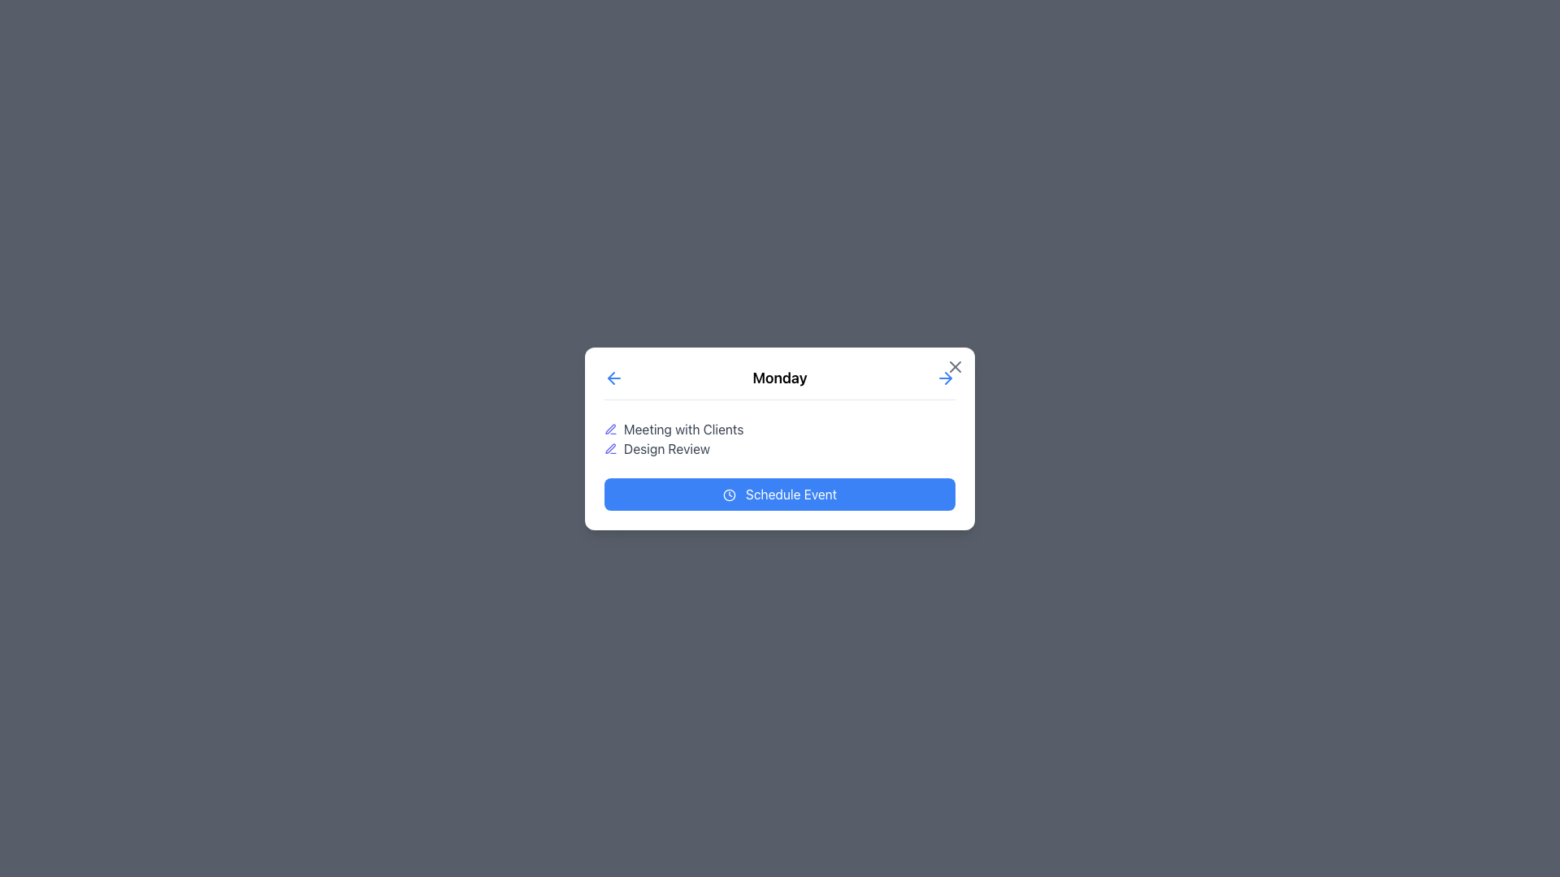 The image size is (1560, 877). Describe the element at coordinates (728, 495) in the screenshot. I see `the 'Schedule Event' button, which includes an icon on the left side, to initiate the scheduling action` at that location.